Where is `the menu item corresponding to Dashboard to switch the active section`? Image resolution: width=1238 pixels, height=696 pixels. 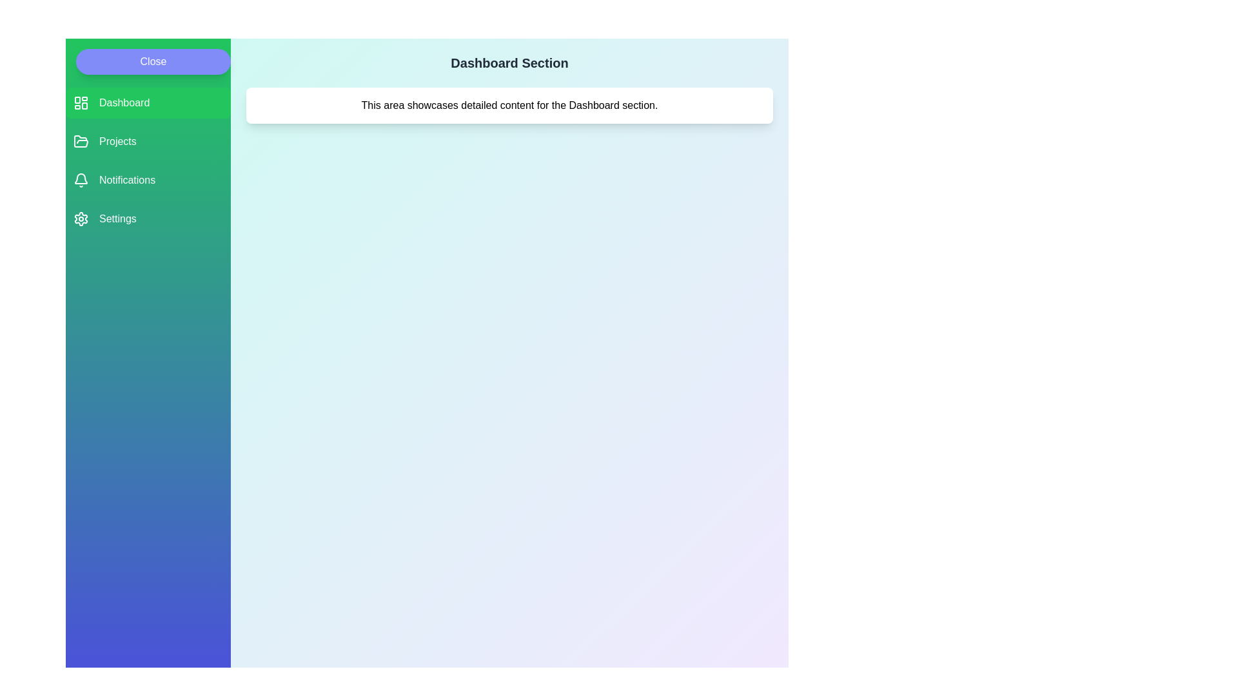 the menu item corresponding to Dashboard to switch the active section is located at coordinates (148, 102).